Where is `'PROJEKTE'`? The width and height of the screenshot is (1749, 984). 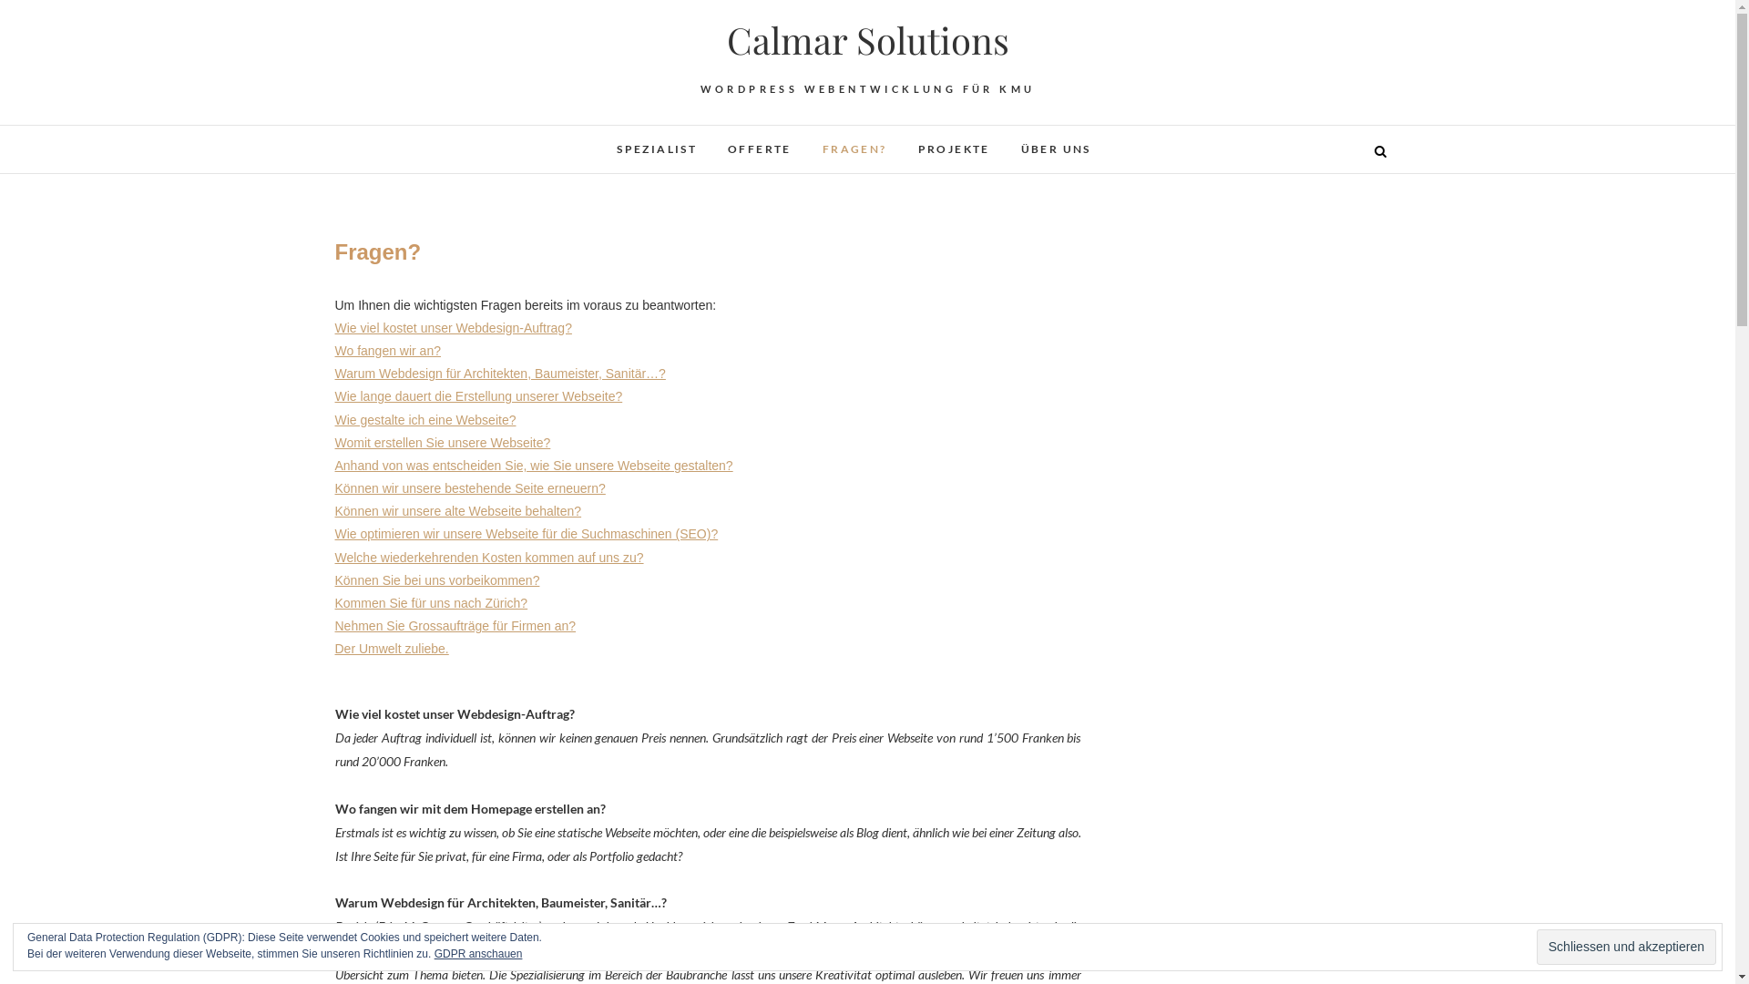 'PROJEKTE' is located at coordinates (952, 149).